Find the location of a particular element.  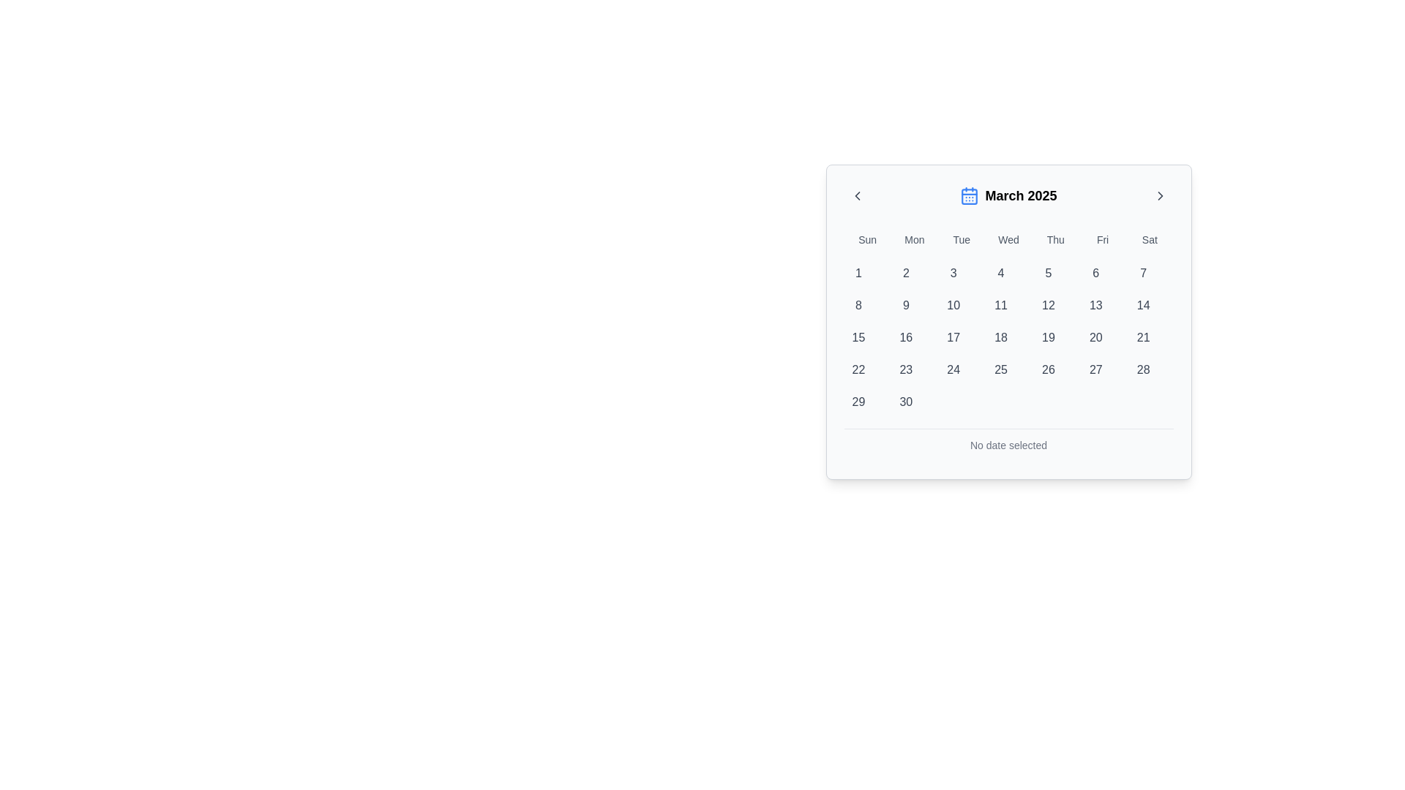

the chevron icon used for navigating to the previous month in the calendar interface is located at coordinates (857, 195).